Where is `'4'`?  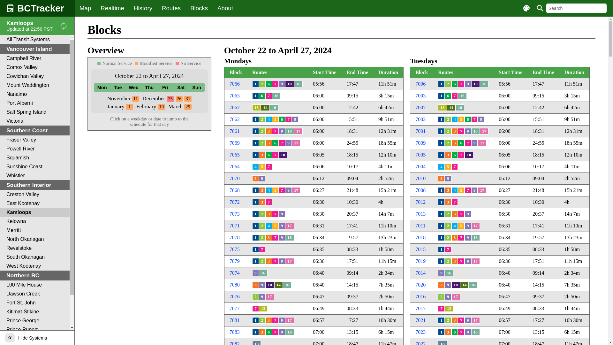 '4' is located at coordinates (441, 166).